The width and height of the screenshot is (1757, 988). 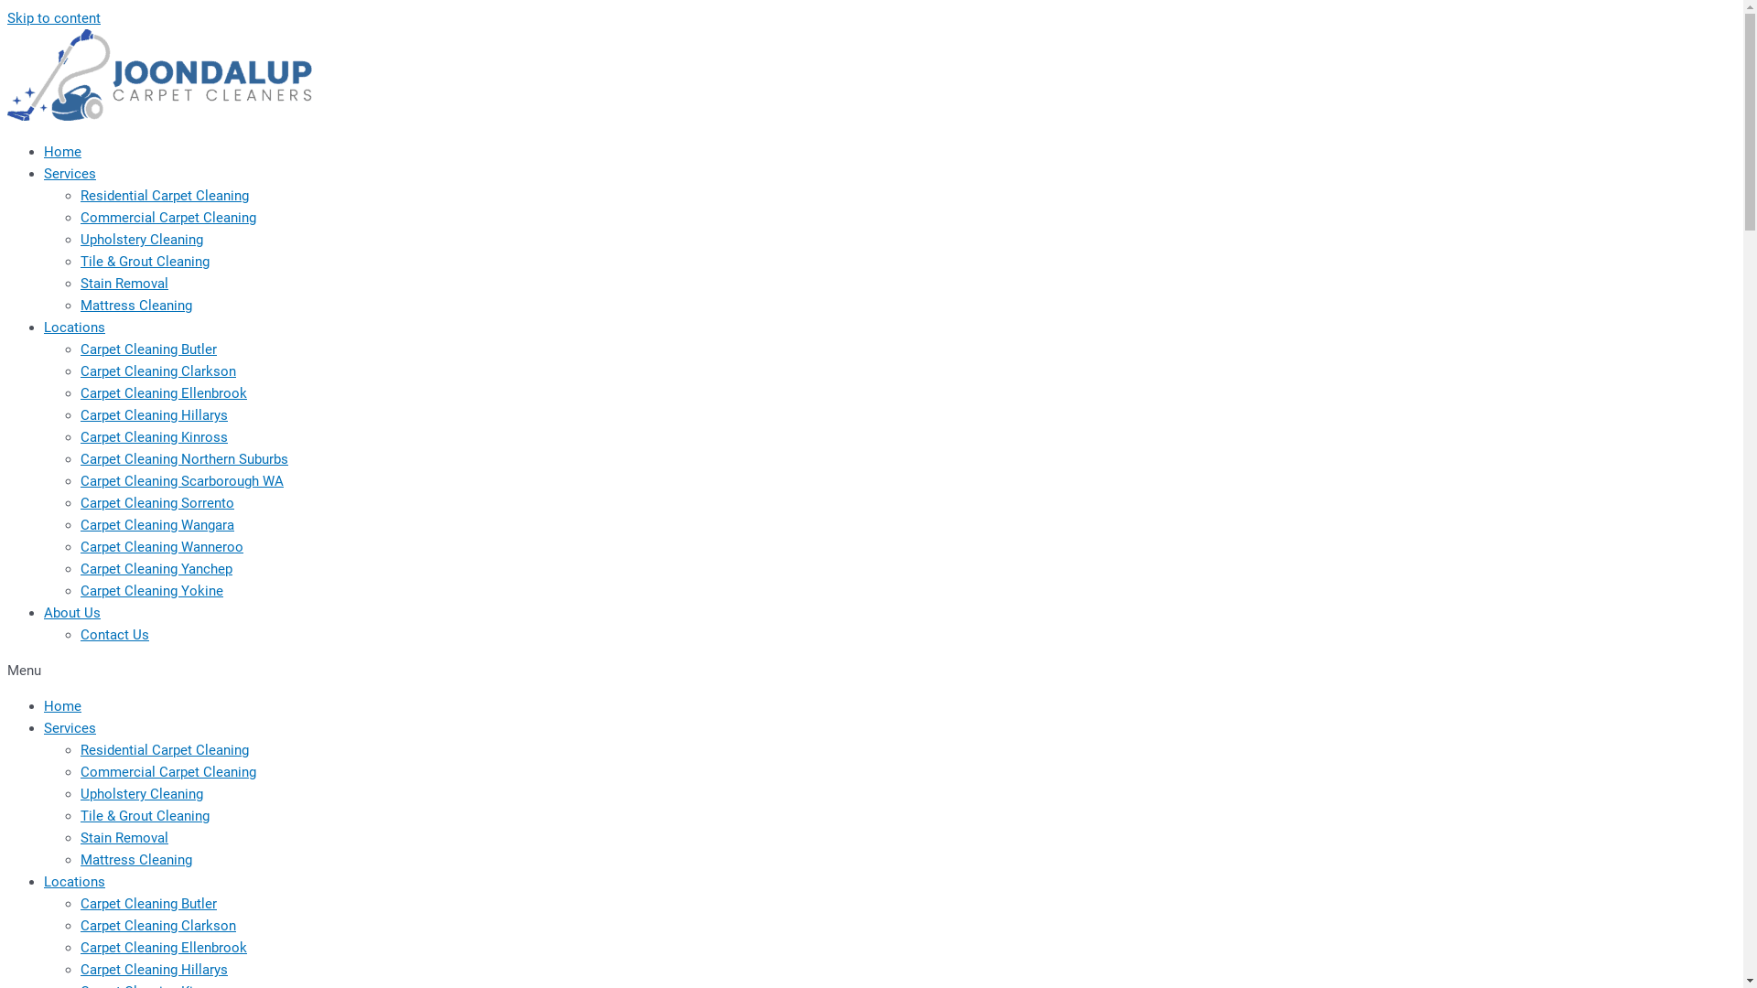 What do you see at coordinates (165, 750) in the screenshot?
I see `'Residential Carpet Cleaning'` at bounding box center [165, 750].